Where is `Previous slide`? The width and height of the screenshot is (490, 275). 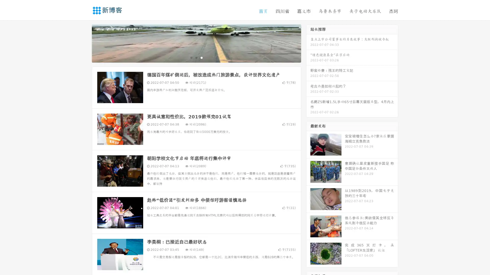 Previous slide is located at coordinates (84, 43).